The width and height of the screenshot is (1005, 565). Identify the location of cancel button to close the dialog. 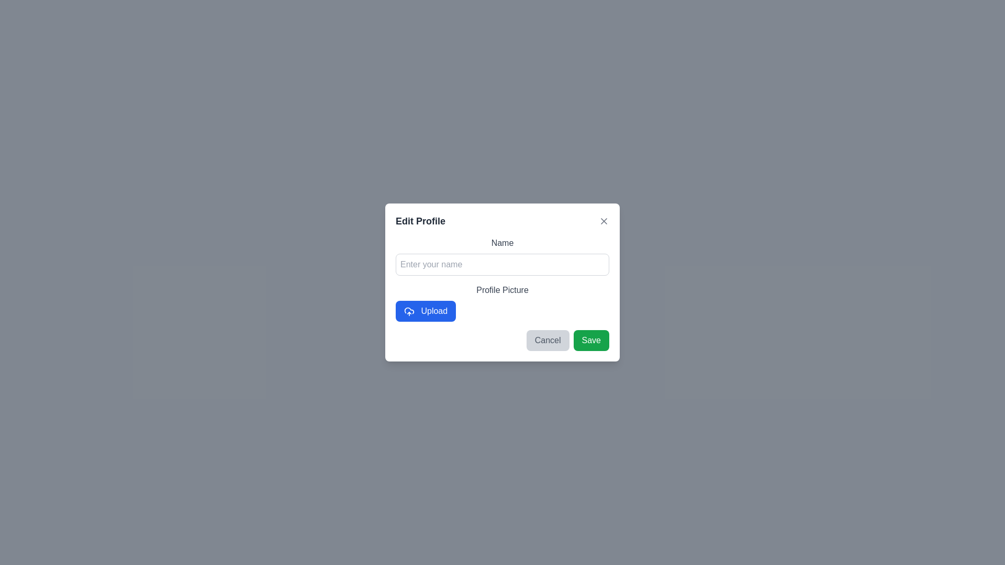
(547, 341).